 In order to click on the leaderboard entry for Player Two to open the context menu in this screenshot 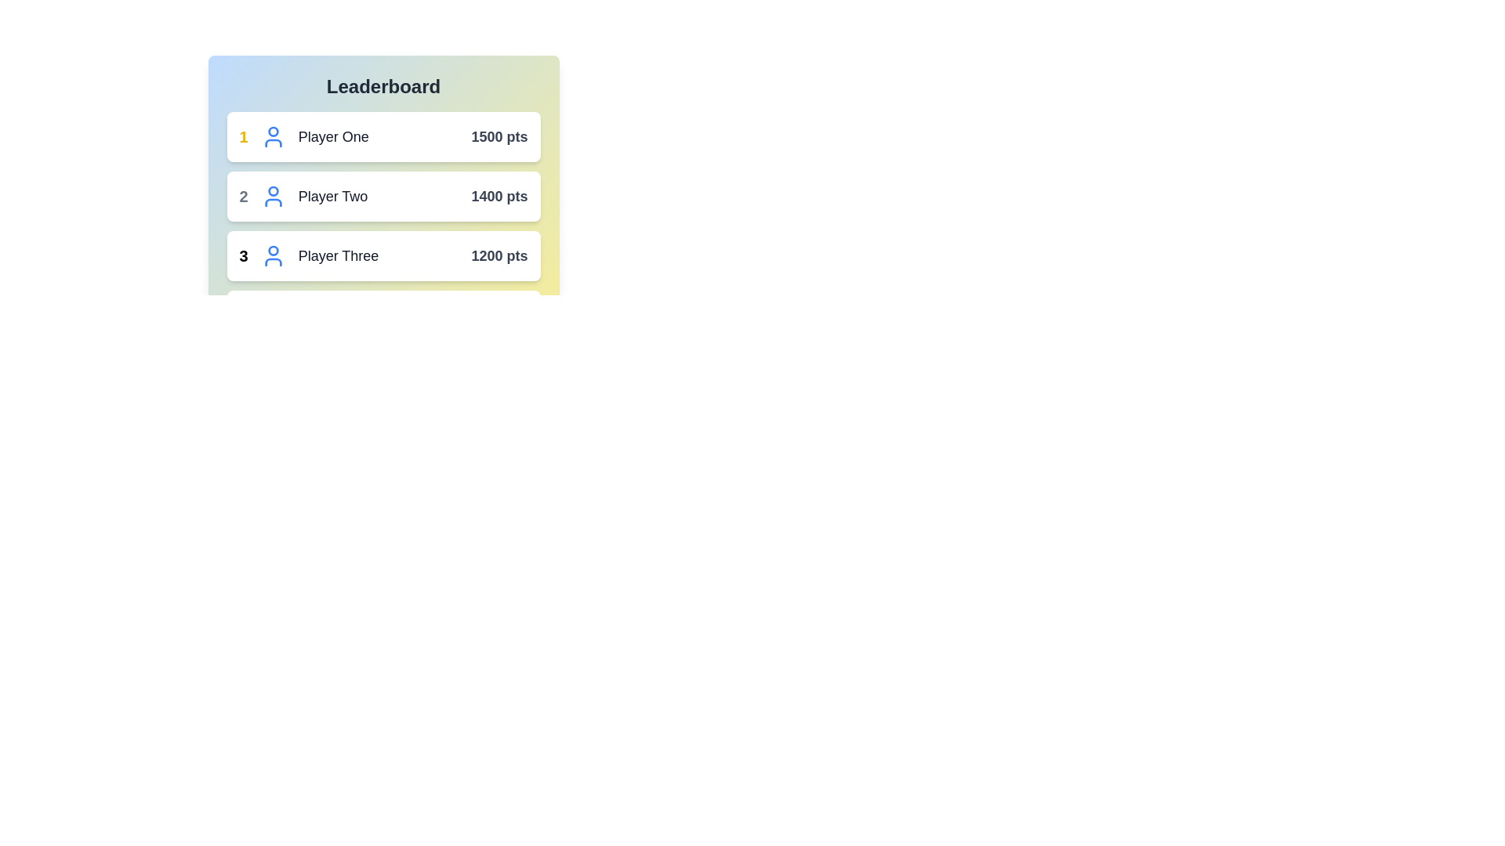, I will do `click(383, 195)`.